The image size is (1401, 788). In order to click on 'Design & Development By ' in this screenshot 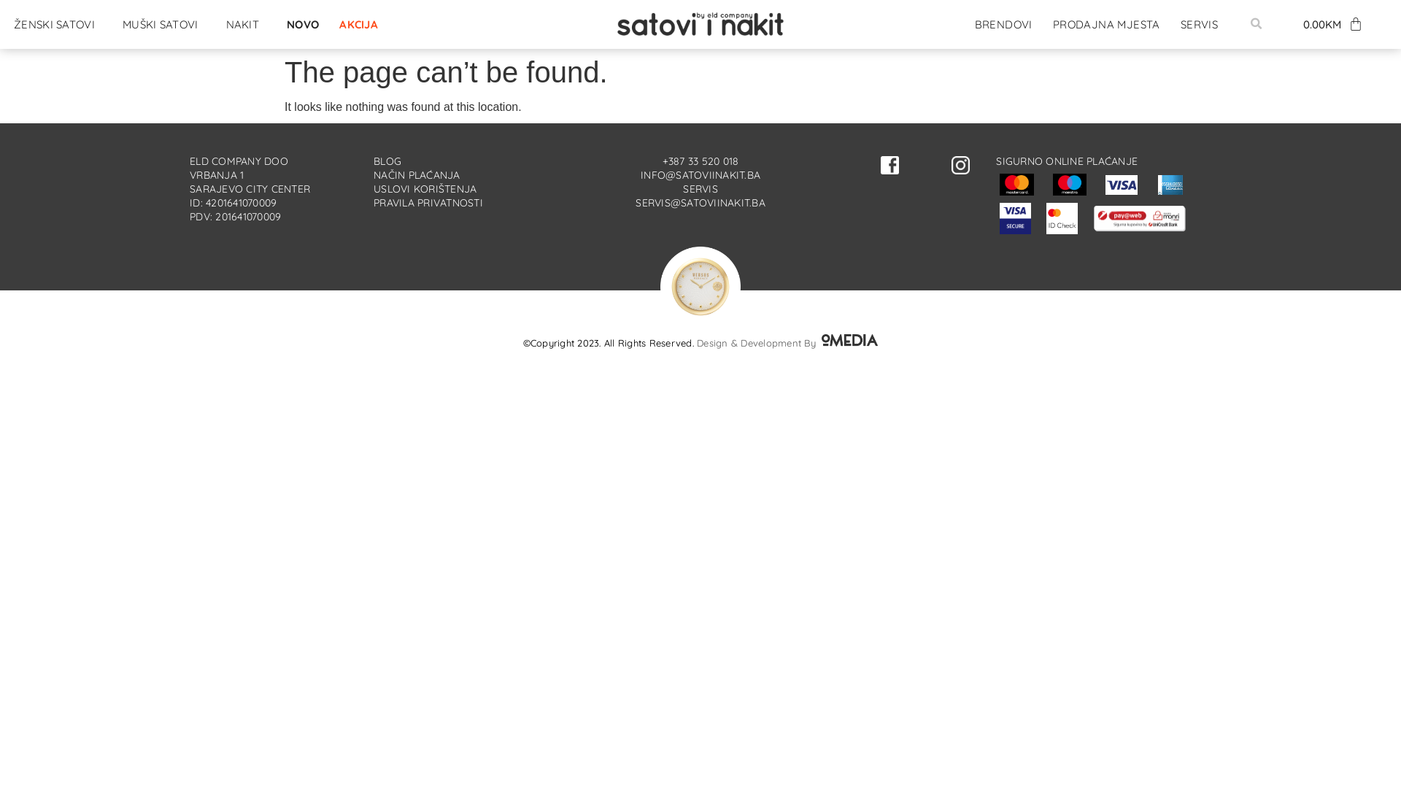, I will do `click(787, 343)`.